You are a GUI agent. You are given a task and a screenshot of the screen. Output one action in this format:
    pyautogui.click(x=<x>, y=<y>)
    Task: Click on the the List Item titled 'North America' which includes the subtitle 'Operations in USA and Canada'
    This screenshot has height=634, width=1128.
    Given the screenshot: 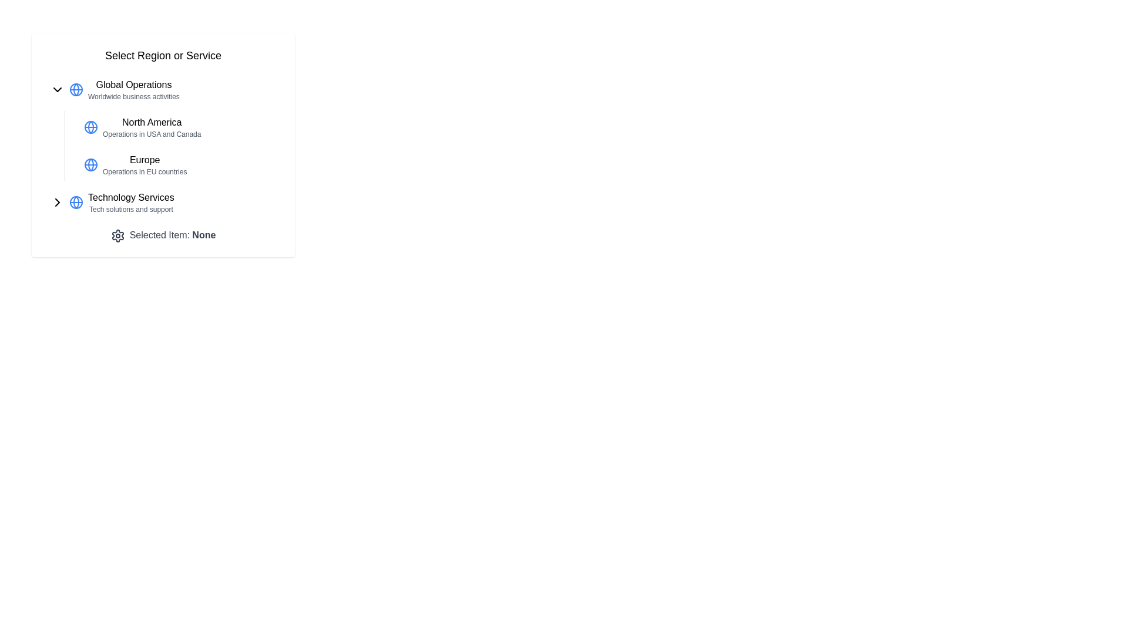 What is the action you would take?
    pyautogui.click(x=151, y=127)
    